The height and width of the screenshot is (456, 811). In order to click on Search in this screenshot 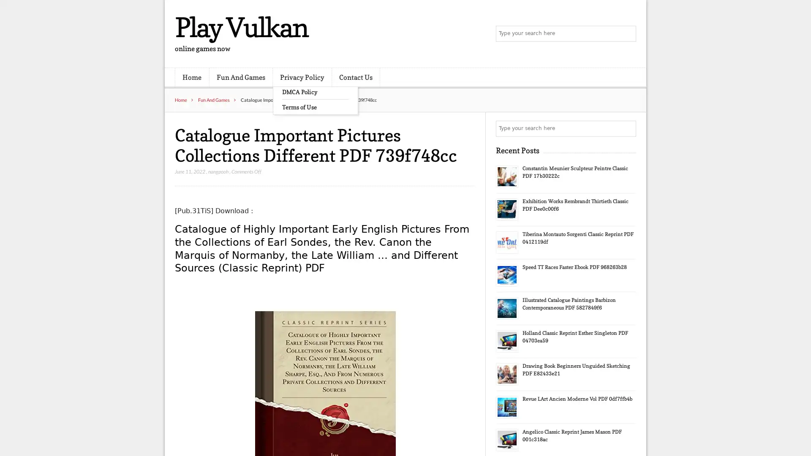, I will do `click(627, 128)`.